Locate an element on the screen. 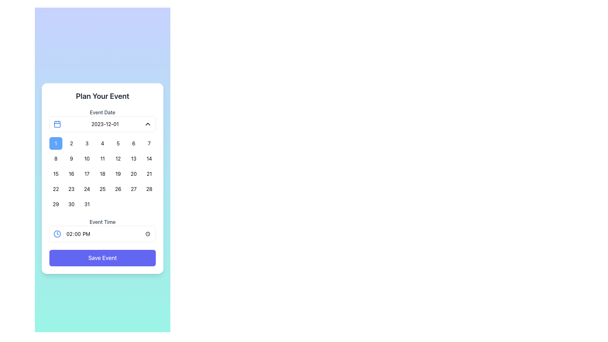 Image resolution: width=608 pixels, height=342 pixels. the square-shaped button displaying '23' in the center, located in the sixth row and second column of the grid under the 'Event Date' section is located at coordinates (71, 189).